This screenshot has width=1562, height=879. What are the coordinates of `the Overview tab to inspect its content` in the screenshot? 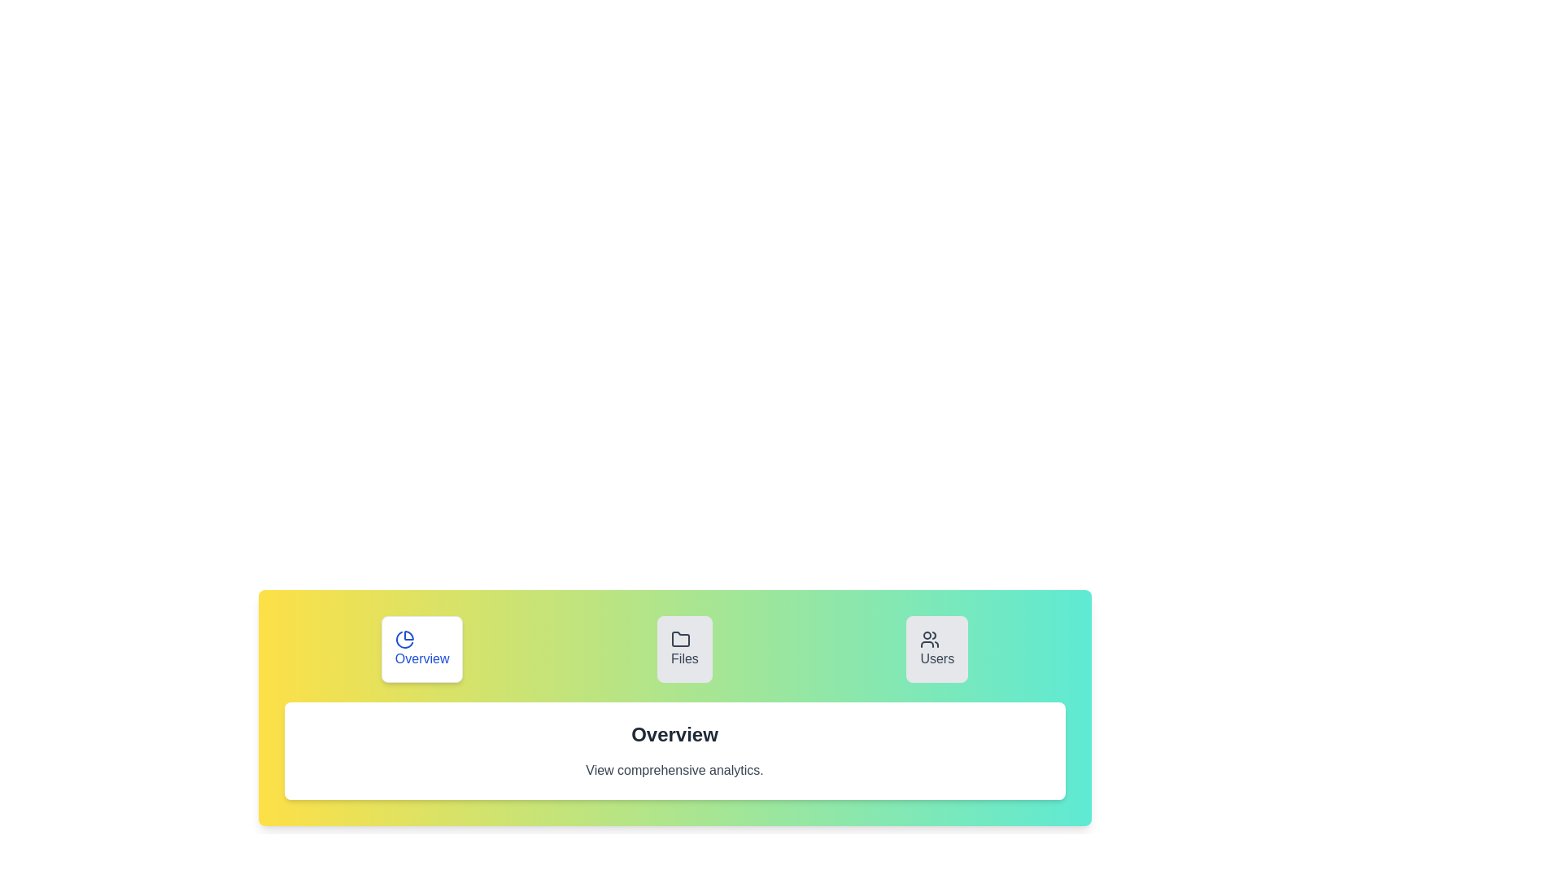 It's located at (421, 649).